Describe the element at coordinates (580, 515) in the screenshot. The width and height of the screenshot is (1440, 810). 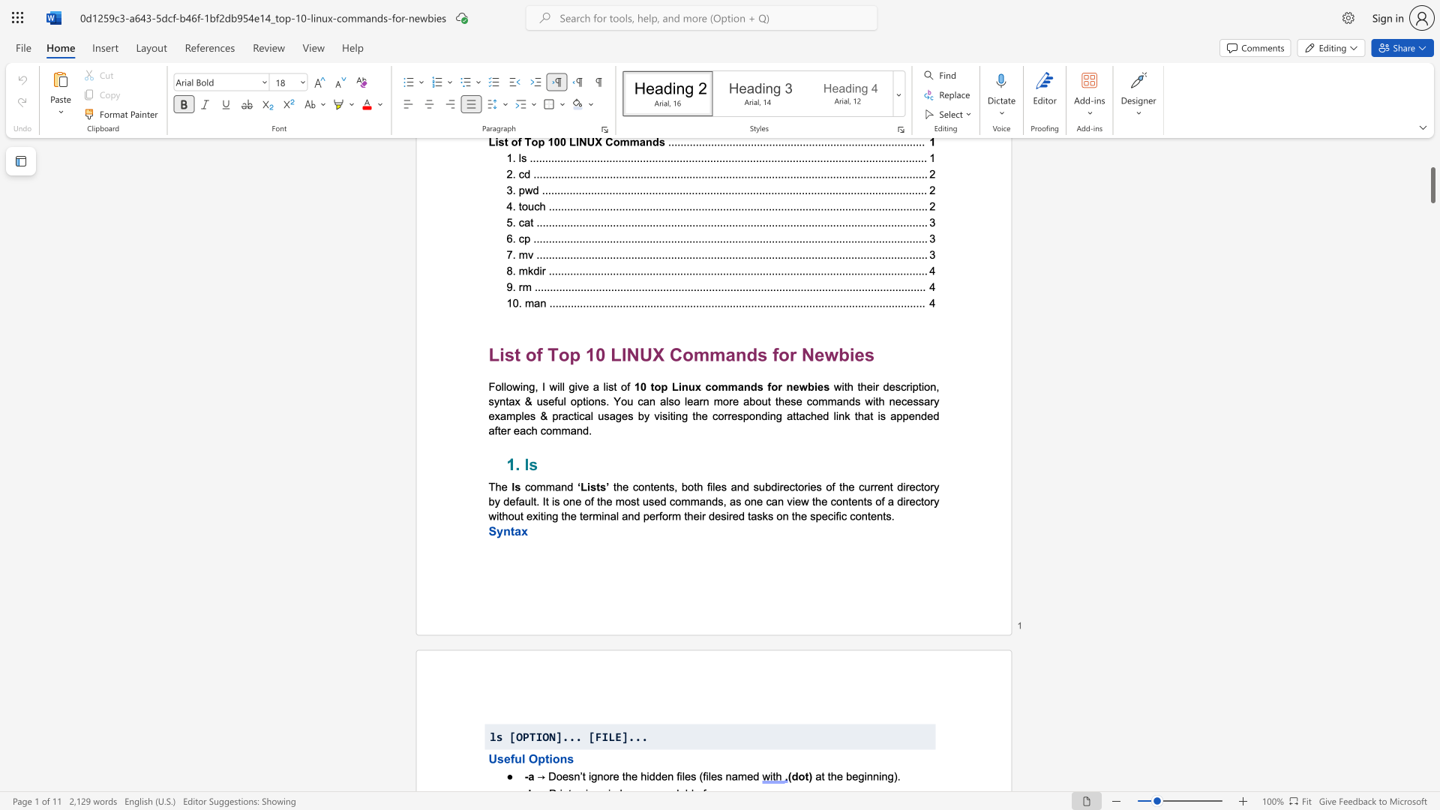
I see `the 21th character "t" in the text` at that location.